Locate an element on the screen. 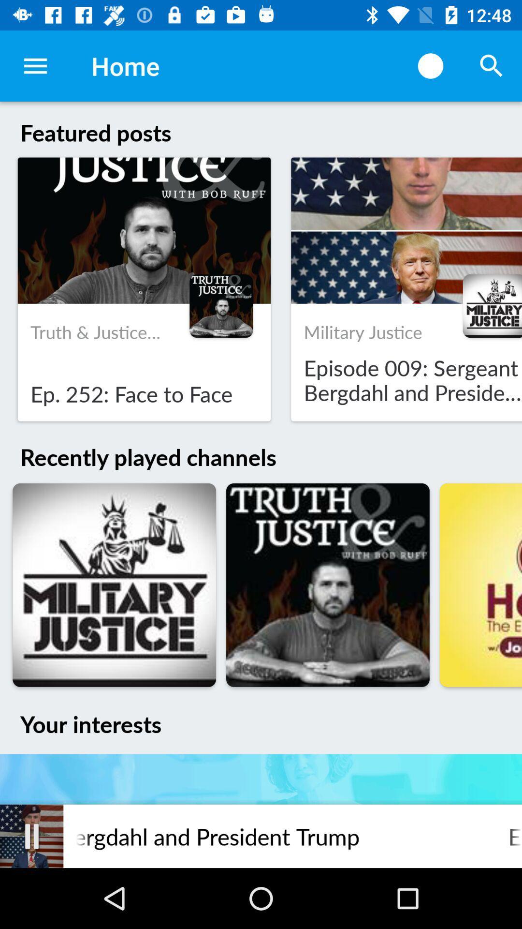  item above featured posts item is located at coordinates (492, 65).